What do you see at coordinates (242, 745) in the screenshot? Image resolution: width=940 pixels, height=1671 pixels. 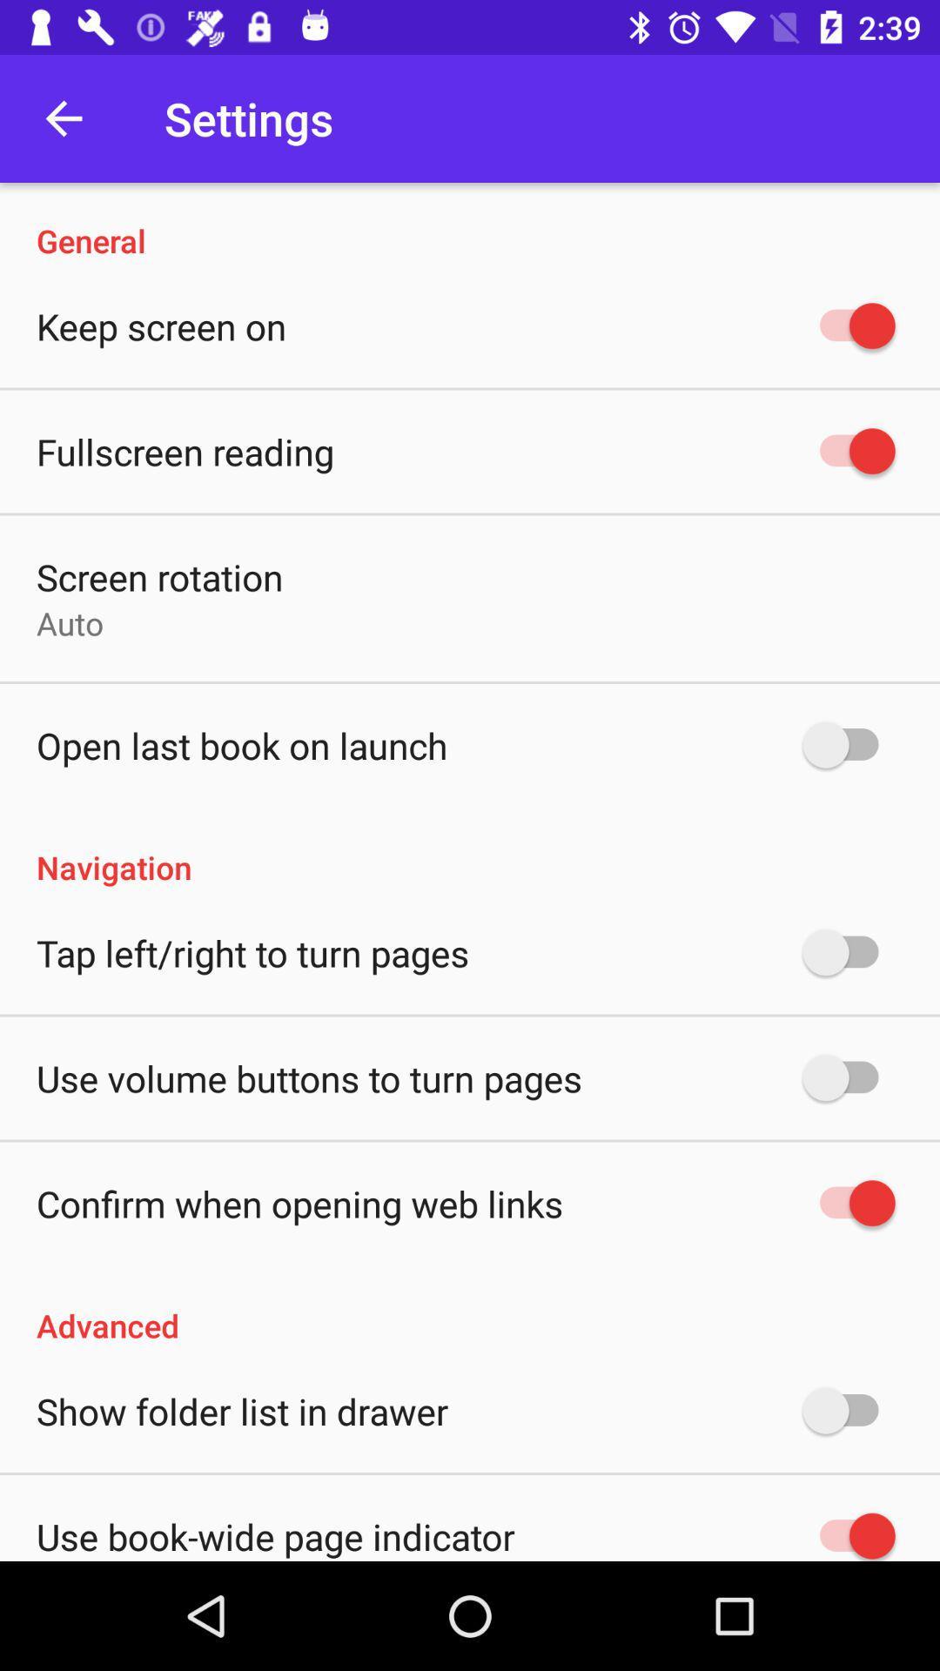 I see `the icon above the navigation item` at bounding box center [242, 745].